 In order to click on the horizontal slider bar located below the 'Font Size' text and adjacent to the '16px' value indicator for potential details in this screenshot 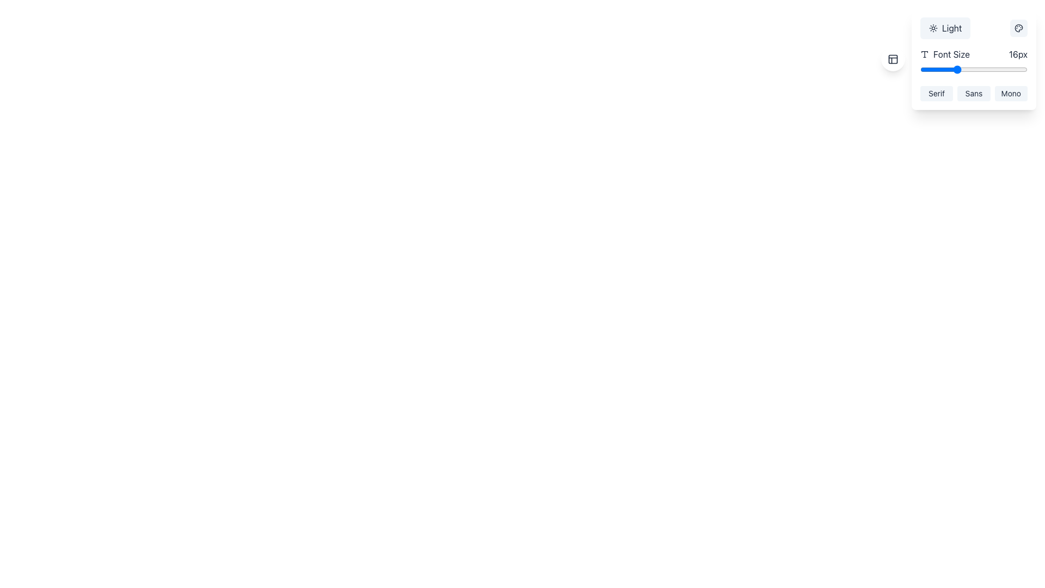, I will do `click(974, 69)`.